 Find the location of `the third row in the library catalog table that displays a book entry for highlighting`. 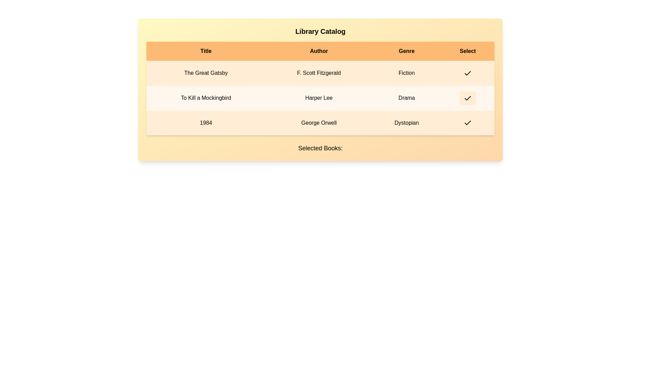

the third row in the library catalog table that displays a book entry for highlighting is located at coordinates (320, 122).